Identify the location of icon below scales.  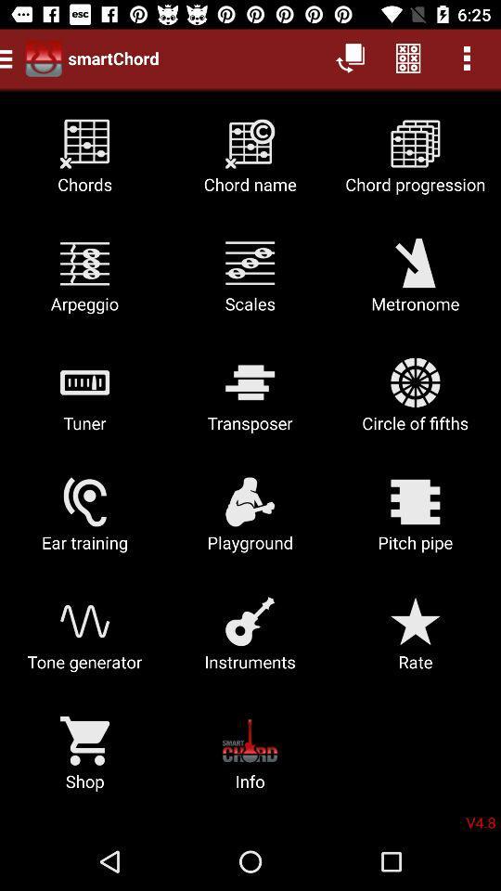
(415, 402).